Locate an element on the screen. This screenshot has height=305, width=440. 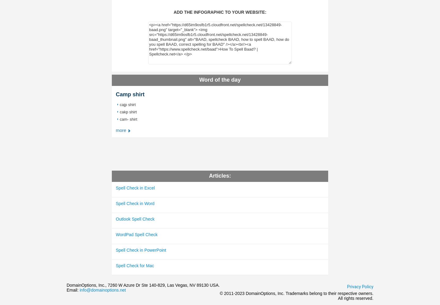
'WordPad Spell Check' is located at coordinates (136, 234).